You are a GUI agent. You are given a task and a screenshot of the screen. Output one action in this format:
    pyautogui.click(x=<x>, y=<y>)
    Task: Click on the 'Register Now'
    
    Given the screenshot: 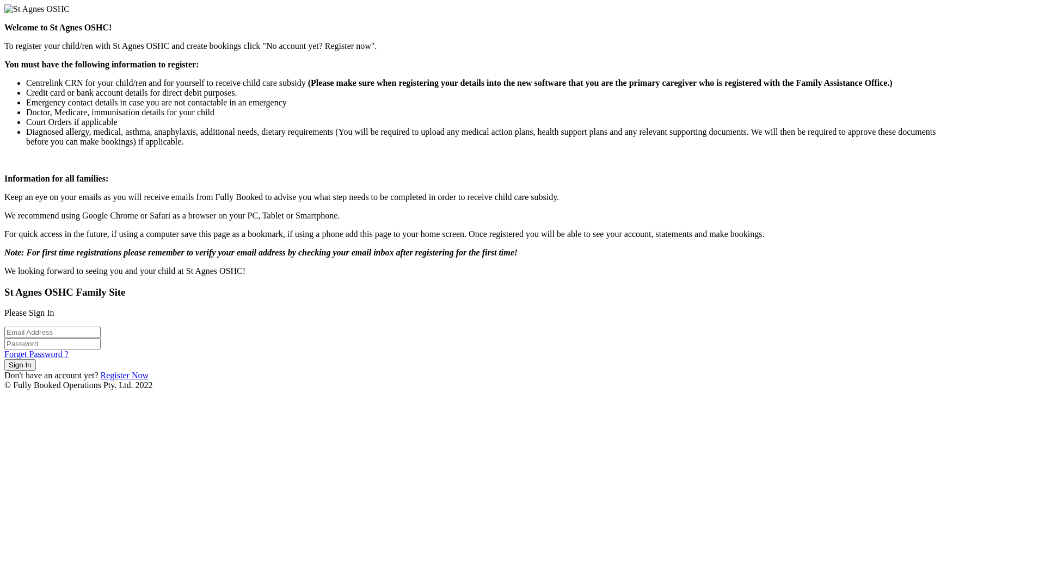 What is the action you would take?
    pyautogui.click(x=125, y=374)
    